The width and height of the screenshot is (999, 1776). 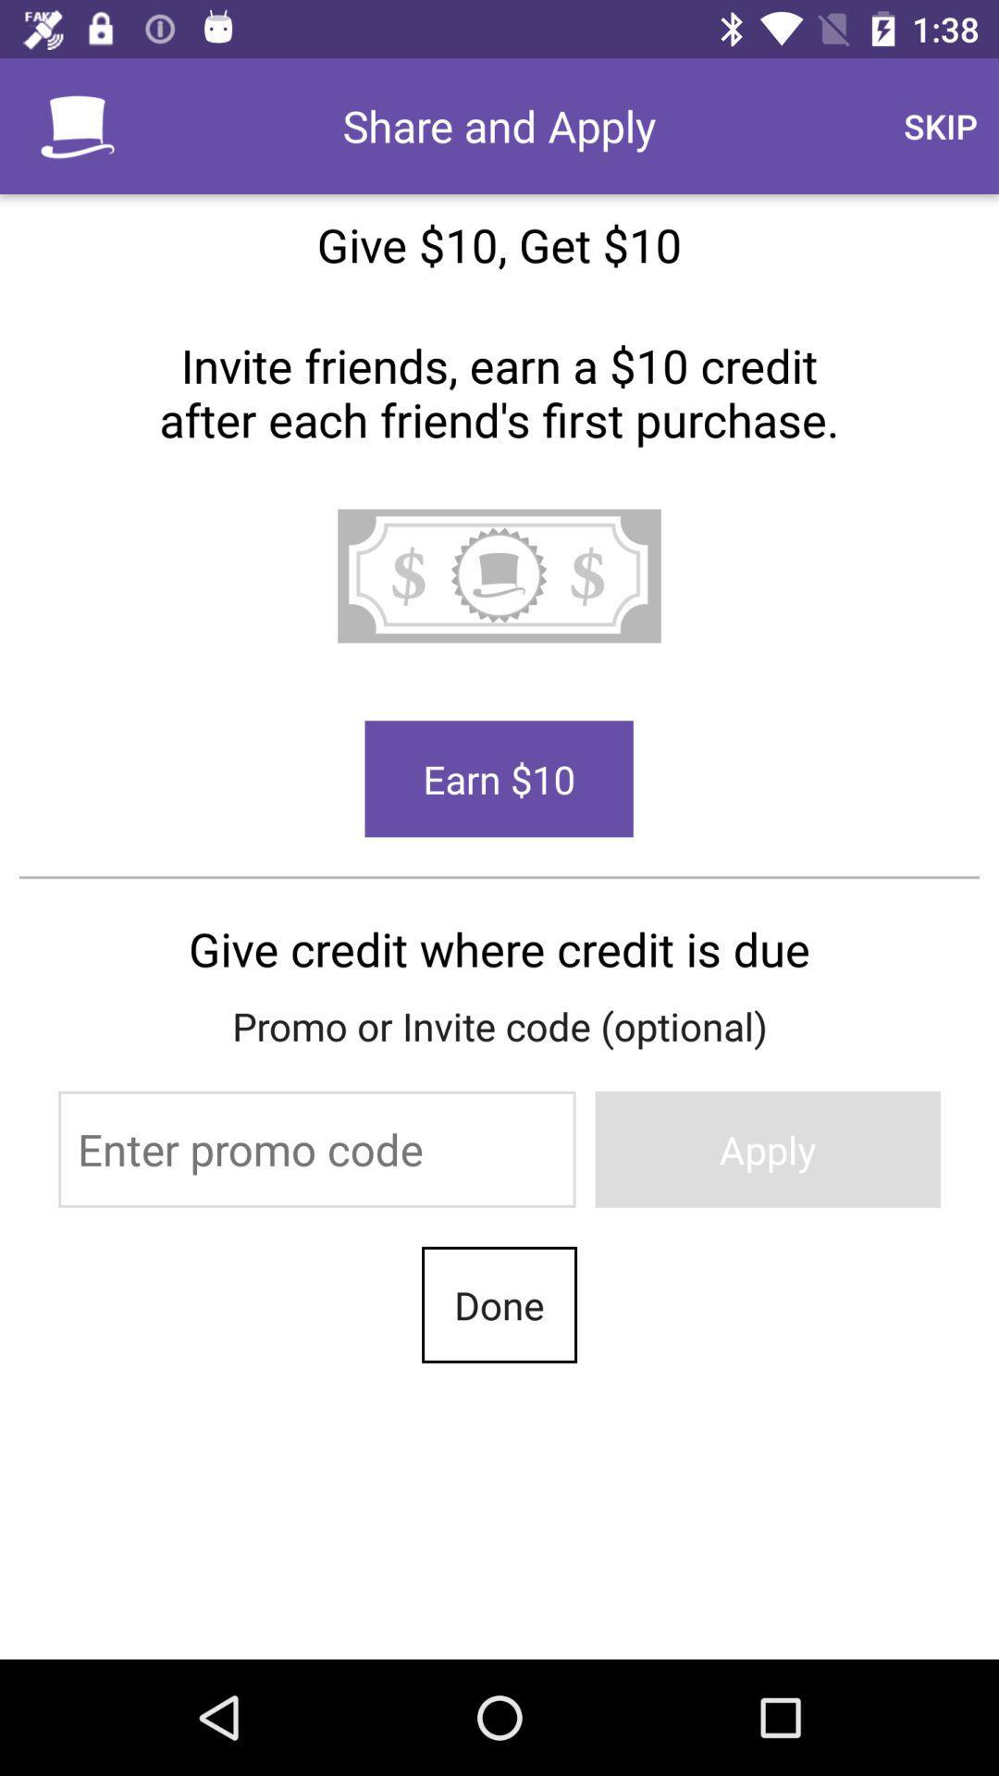 What do you see at coordinates (768, 1149) in the screenshot?
I see `apply which is in the bottom second line` at bounding box center [768, 1149].